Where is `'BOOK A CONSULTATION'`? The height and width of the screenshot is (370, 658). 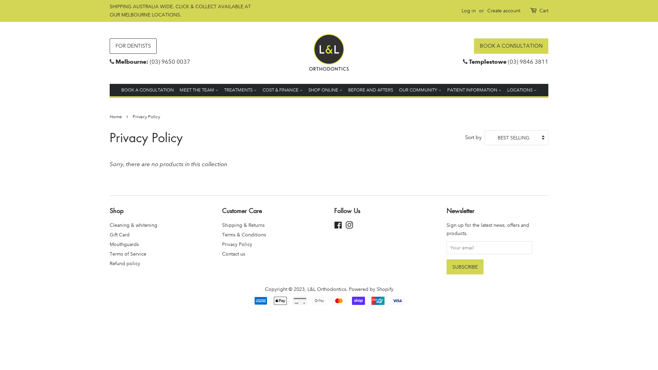 'BOOK A CONSULTATION' is located at coordinates (511, 46).